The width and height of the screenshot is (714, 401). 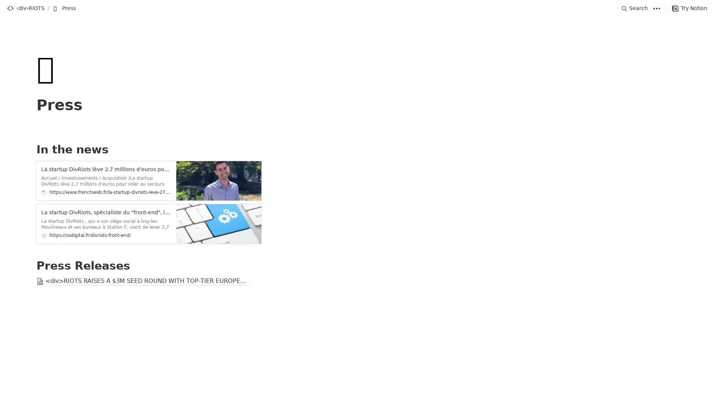 What do you see at coordinates (25, 8) in the screenshot?
I see `divRIOTS` at bounding box center [25, 8].